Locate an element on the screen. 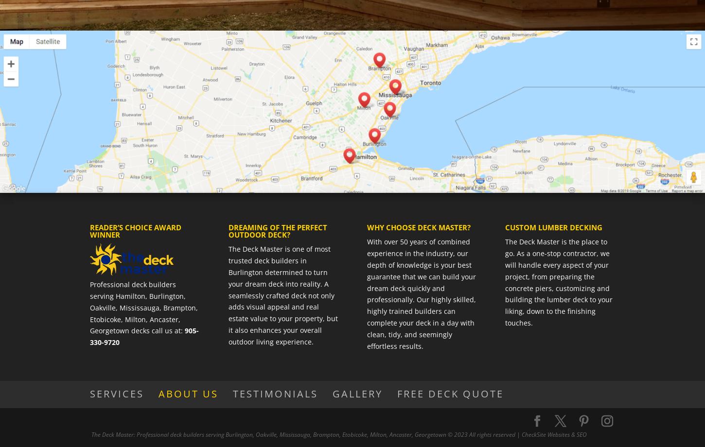 The image size is (705, 447). 'About Us' is located at coordinates (188, 393).